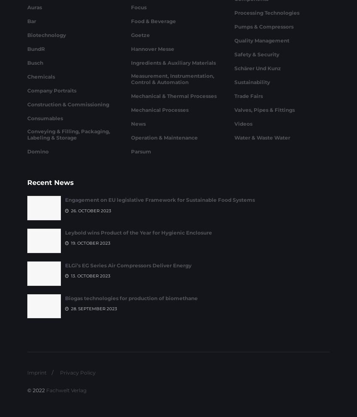  Describe the element at coordinates (164, 182) in the screenshot. I see `'Operation & Maintenance'` at that location.